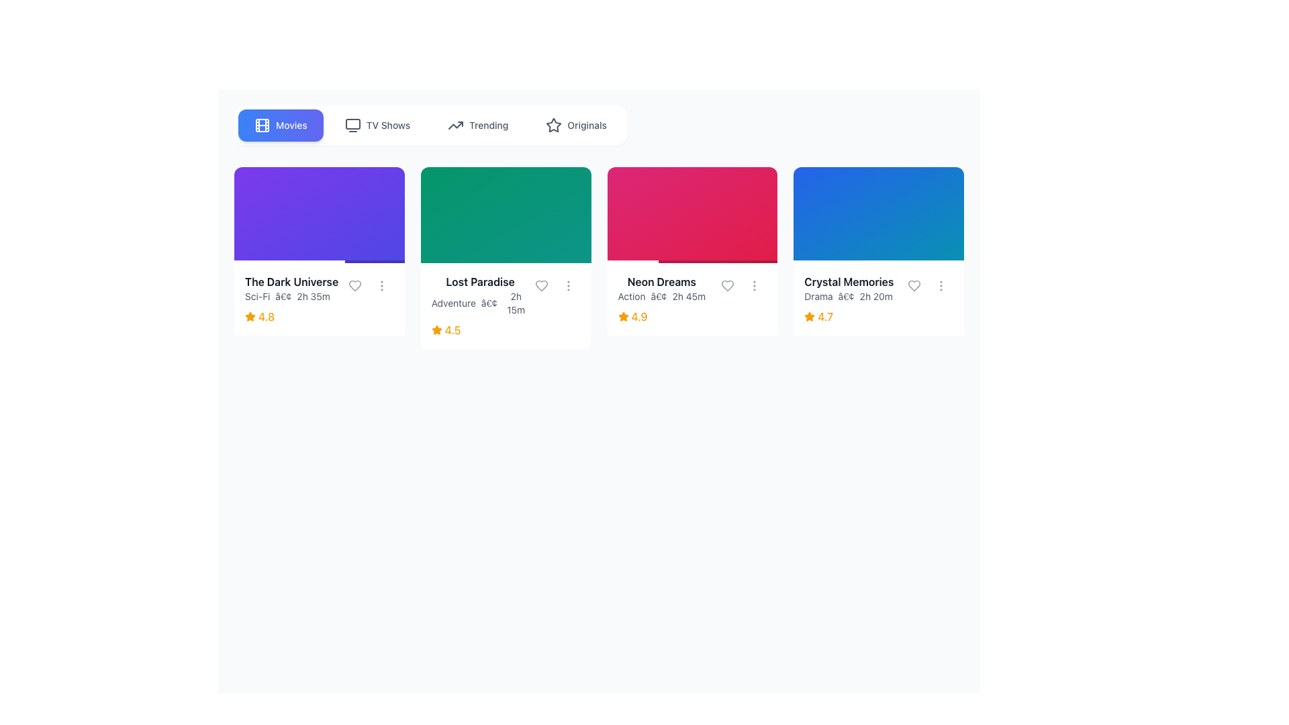  Describe the element at coordinates (505, 305) in the screenshot. I see `the text block displaying movie details for 'Lost Paradise'` at that location.